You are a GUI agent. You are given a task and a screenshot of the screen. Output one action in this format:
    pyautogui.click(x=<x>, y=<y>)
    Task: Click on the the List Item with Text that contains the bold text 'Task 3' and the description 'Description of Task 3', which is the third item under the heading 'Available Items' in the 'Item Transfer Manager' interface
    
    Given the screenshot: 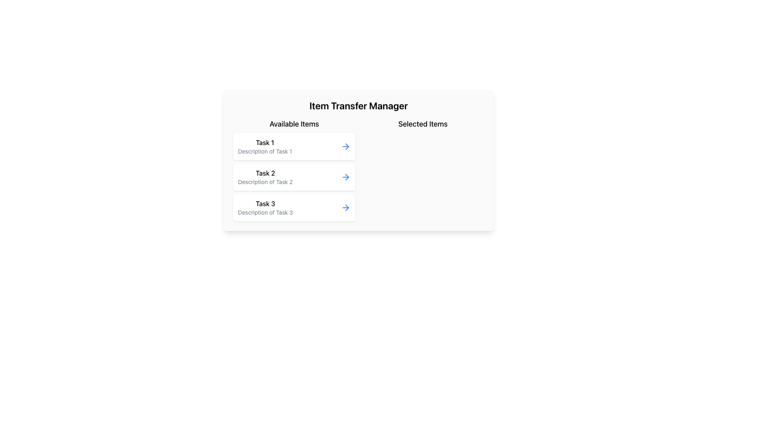 What is the action you would take?
    pyautogui.click(x=265, y=207)
    